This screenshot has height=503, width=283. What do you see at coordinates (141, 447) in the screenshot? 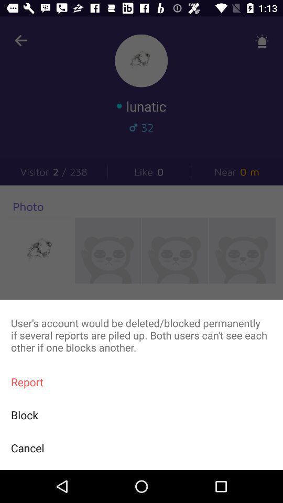
I see `cancel button` at bounding box center [141, 447].